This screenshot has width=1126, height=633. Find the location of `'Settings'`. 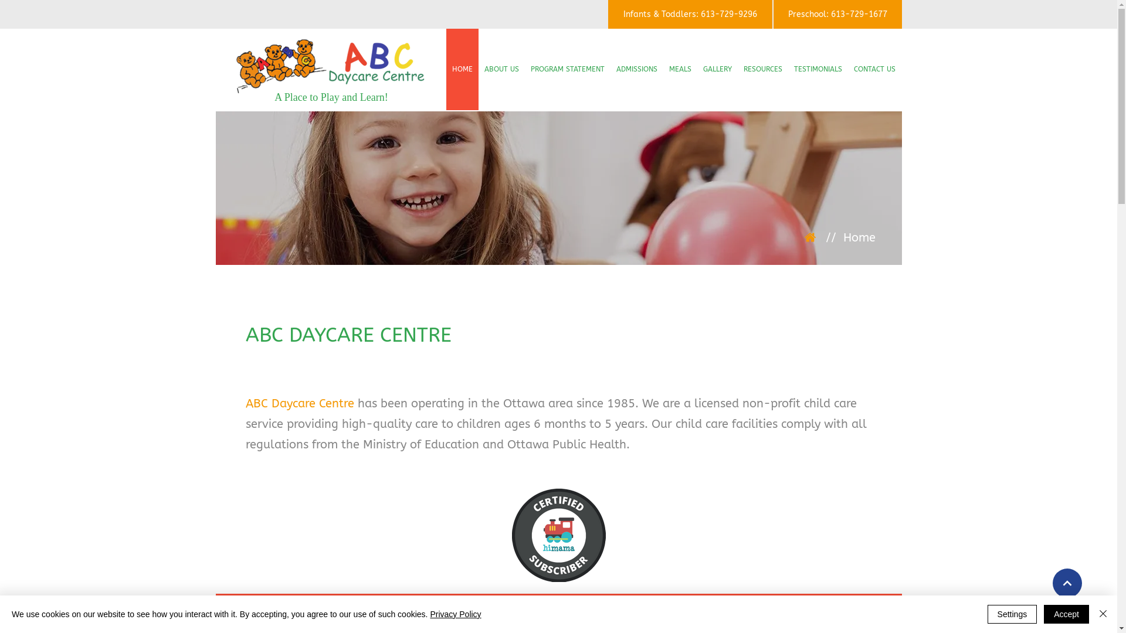

'Settings' is located at coordinates (1012, 614).